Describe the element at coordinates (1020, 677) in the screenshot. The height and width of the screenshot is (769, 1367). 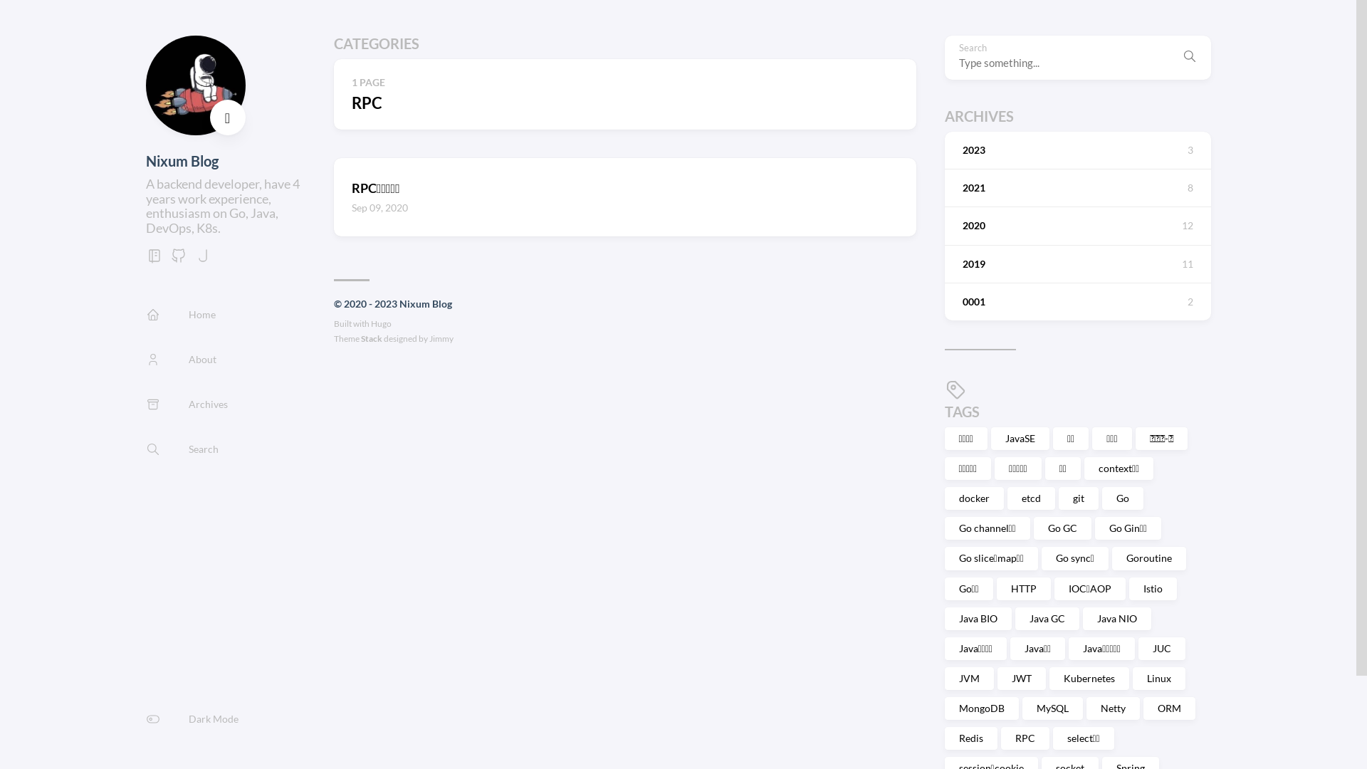
I see `'JWT'` at that location.